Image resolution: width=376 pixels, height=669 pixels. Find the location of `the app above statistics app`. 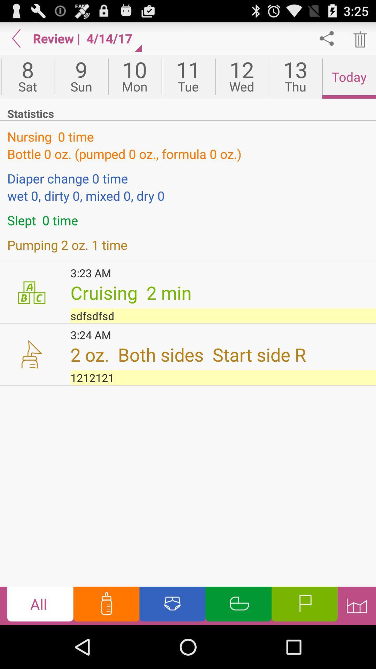

the app above statistics app is located at coordinates (241, 77).